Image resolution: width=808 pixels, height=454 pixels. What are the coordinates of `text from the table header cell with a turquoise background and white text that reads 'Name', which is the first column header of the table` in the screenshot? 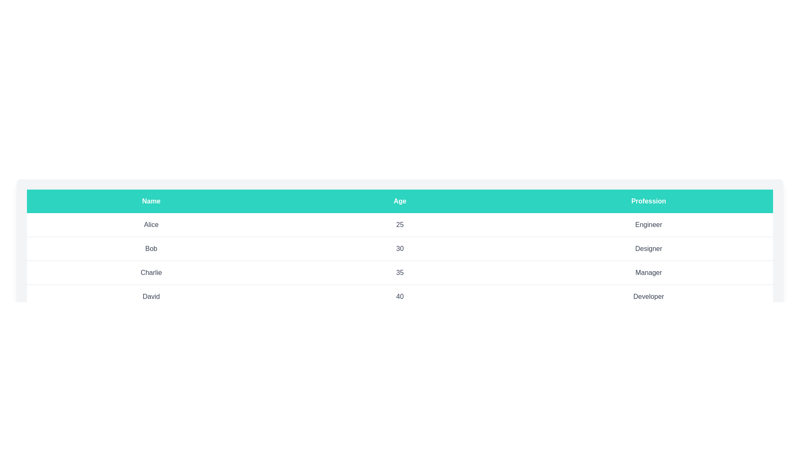 It's located at (151, 201).